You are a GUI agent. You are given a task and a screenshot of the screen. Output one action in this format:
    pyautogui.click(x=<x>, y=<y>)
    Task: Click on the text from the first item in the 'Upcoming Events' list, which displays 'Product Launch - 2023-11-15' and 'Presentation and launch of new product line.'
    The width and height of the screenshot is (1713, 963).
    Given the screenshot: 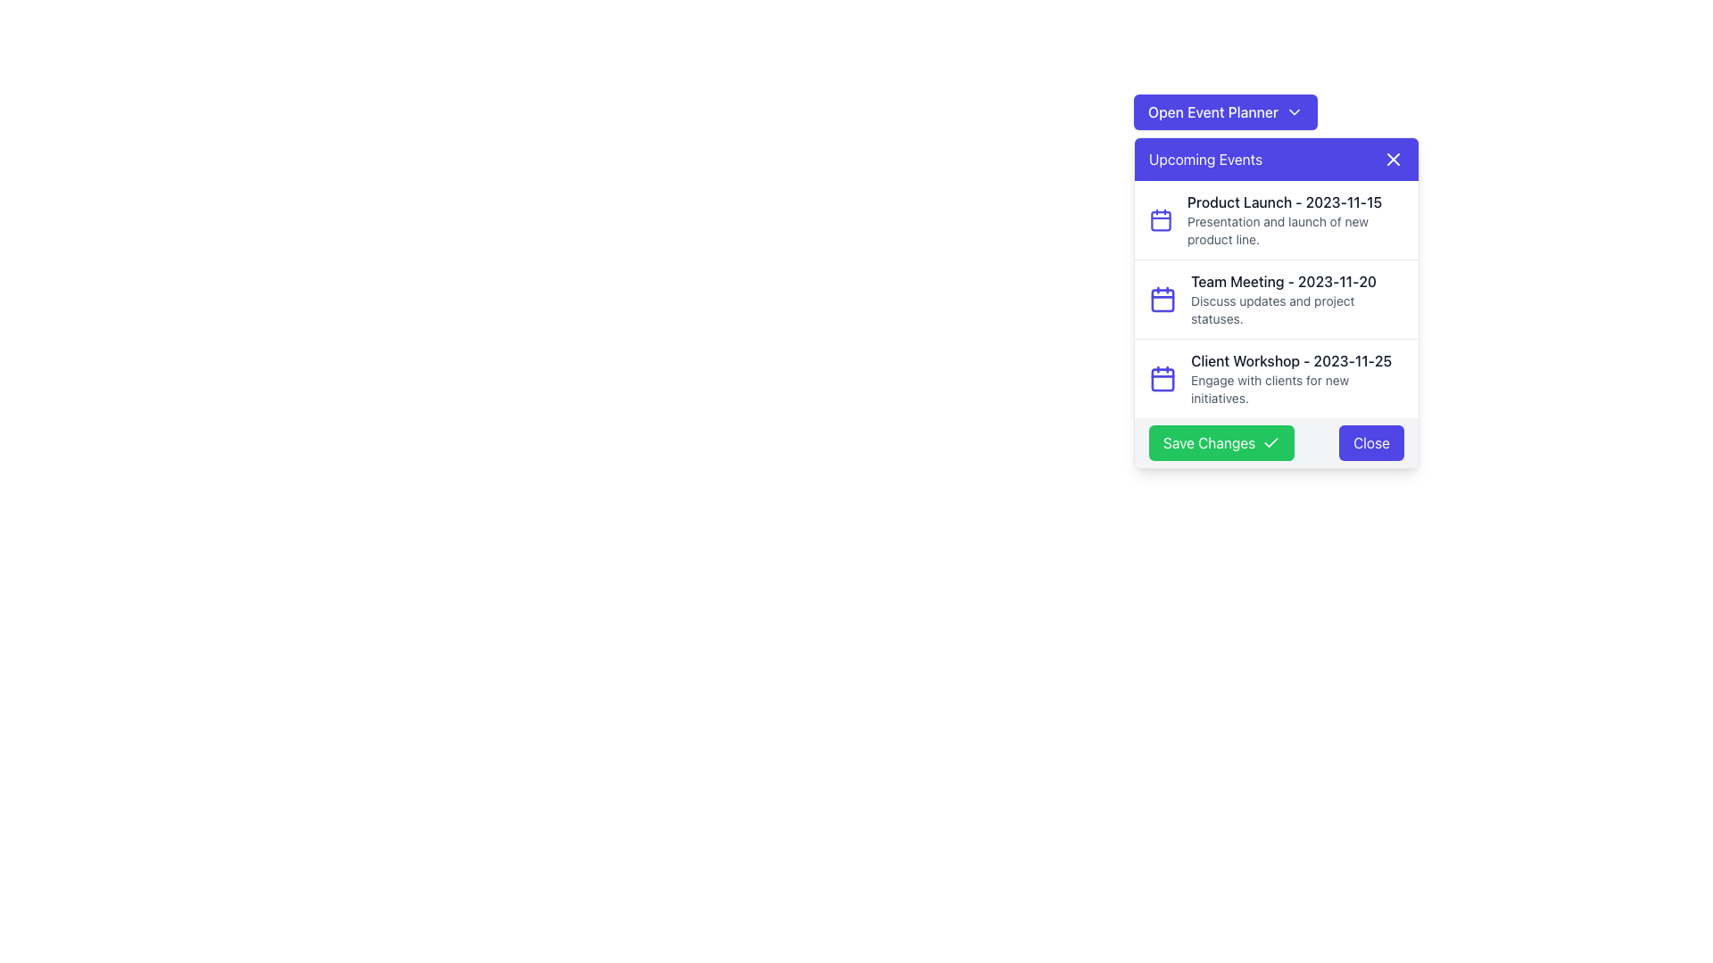 What is the action you would take?
    pyautogui.click(x=1295, y=218)
    